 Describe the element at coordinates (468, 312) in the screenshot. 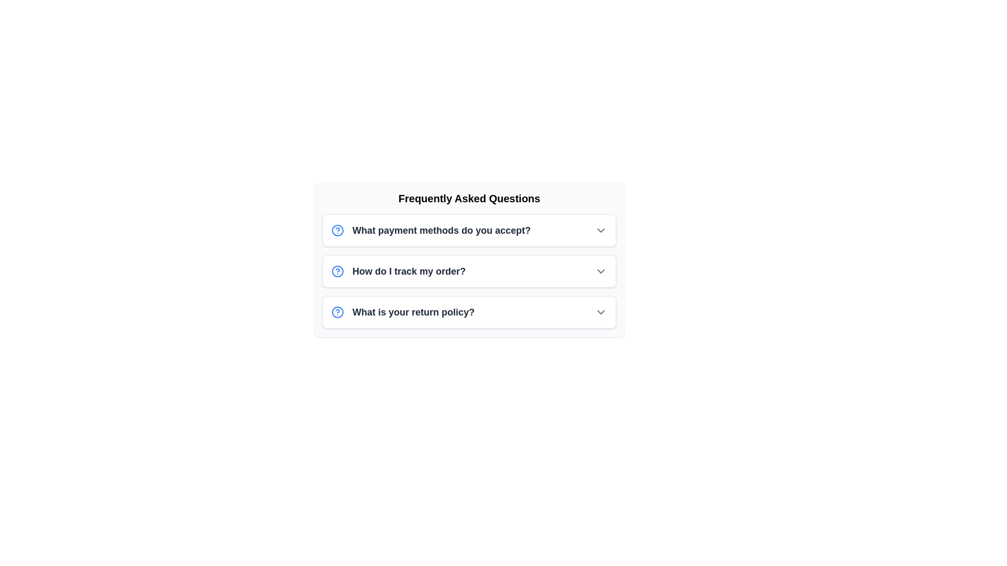

I see `the Expandable FAQ question item that displays the text 'What is your return policy?'` at that location.